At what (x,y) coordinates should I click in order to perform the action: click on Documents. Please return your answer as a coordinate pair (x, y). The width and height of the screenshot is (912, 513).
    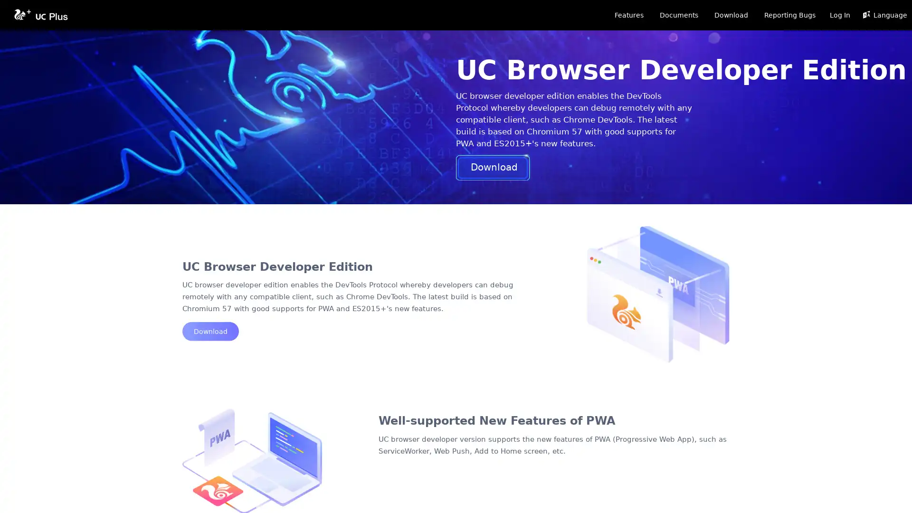
    Looking at the image, I should click on (678, 15).